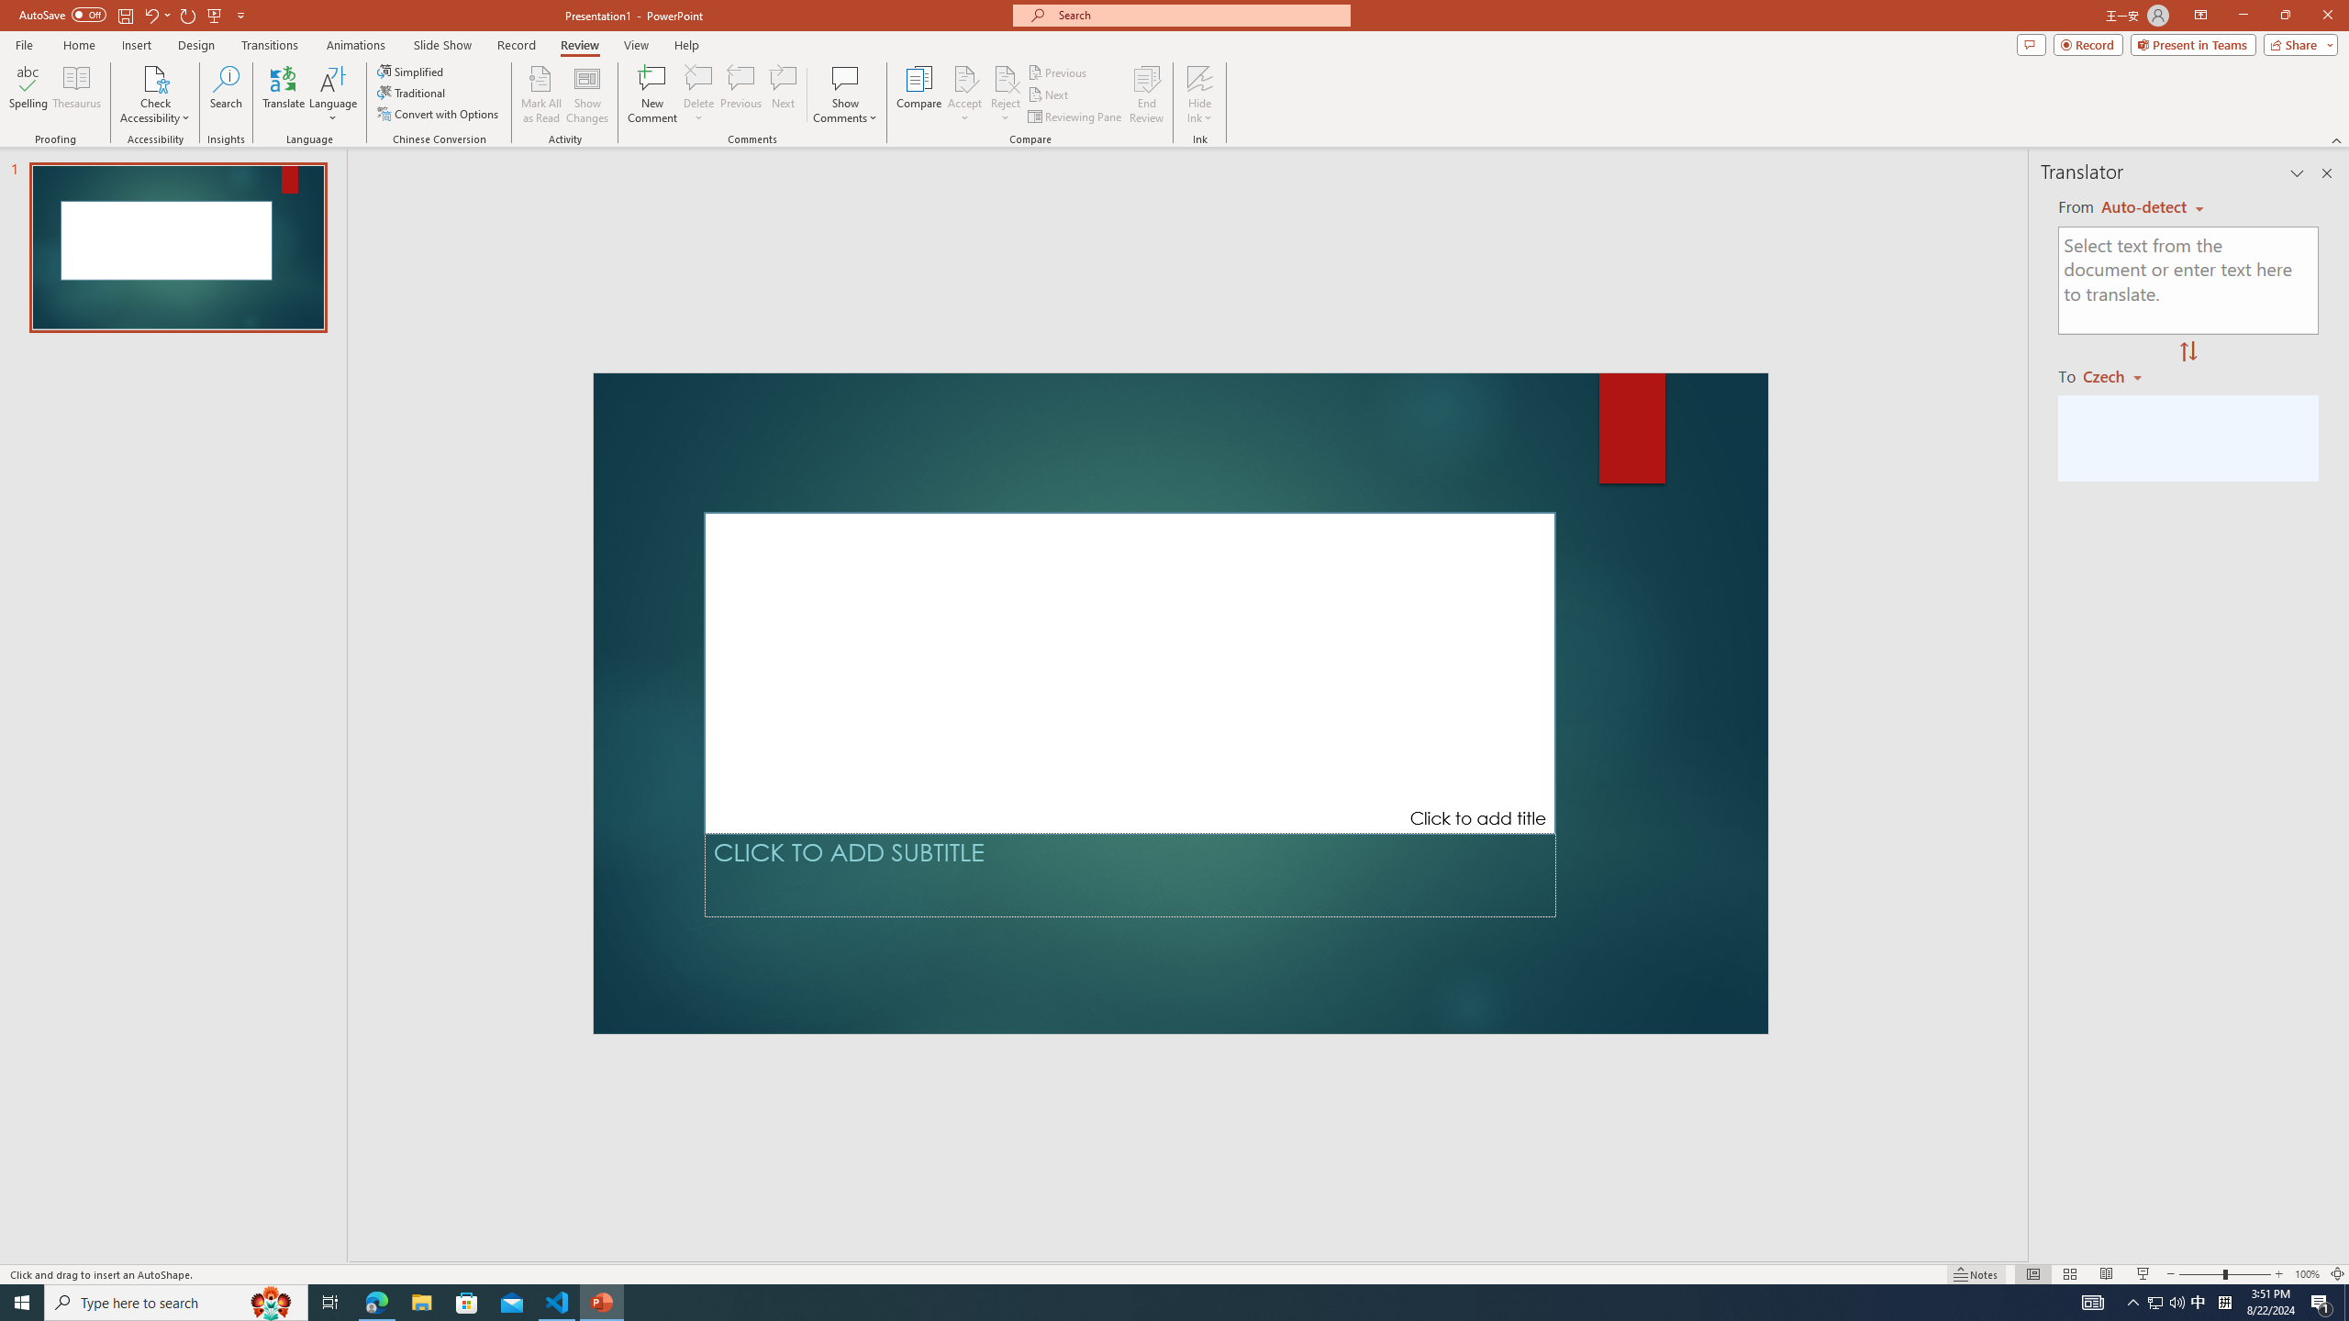 This screenshot has width=2349, height=1321. Describe the element at coordinates (541, 94) in the screenshot. I see `'Mark All as Read'` at that location.